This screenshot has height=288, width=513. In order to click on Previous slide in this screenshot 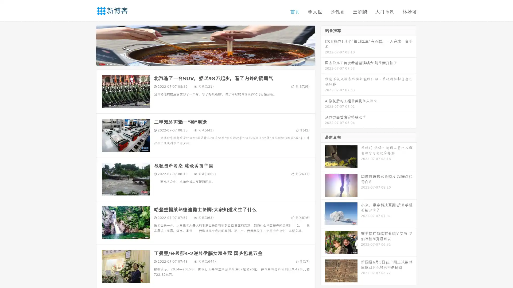, I will do `click(88, 45)`.